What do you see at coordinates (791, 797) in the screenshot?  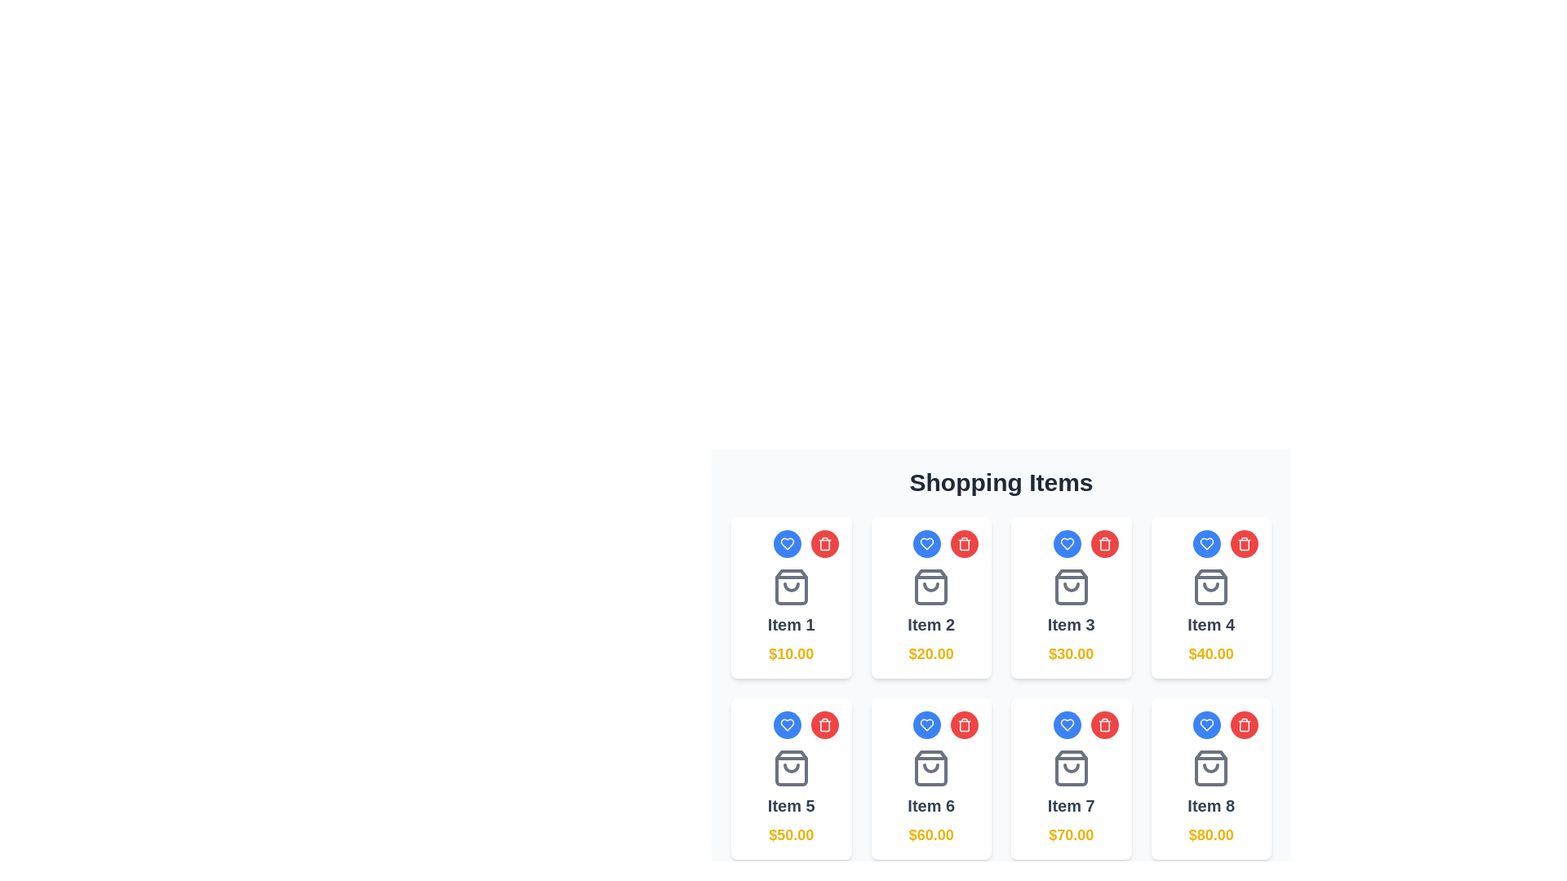 I see `the name text of the fifth shopping item card in the grid layout, which displays the item's name and price` at bounding box center [791, 797].